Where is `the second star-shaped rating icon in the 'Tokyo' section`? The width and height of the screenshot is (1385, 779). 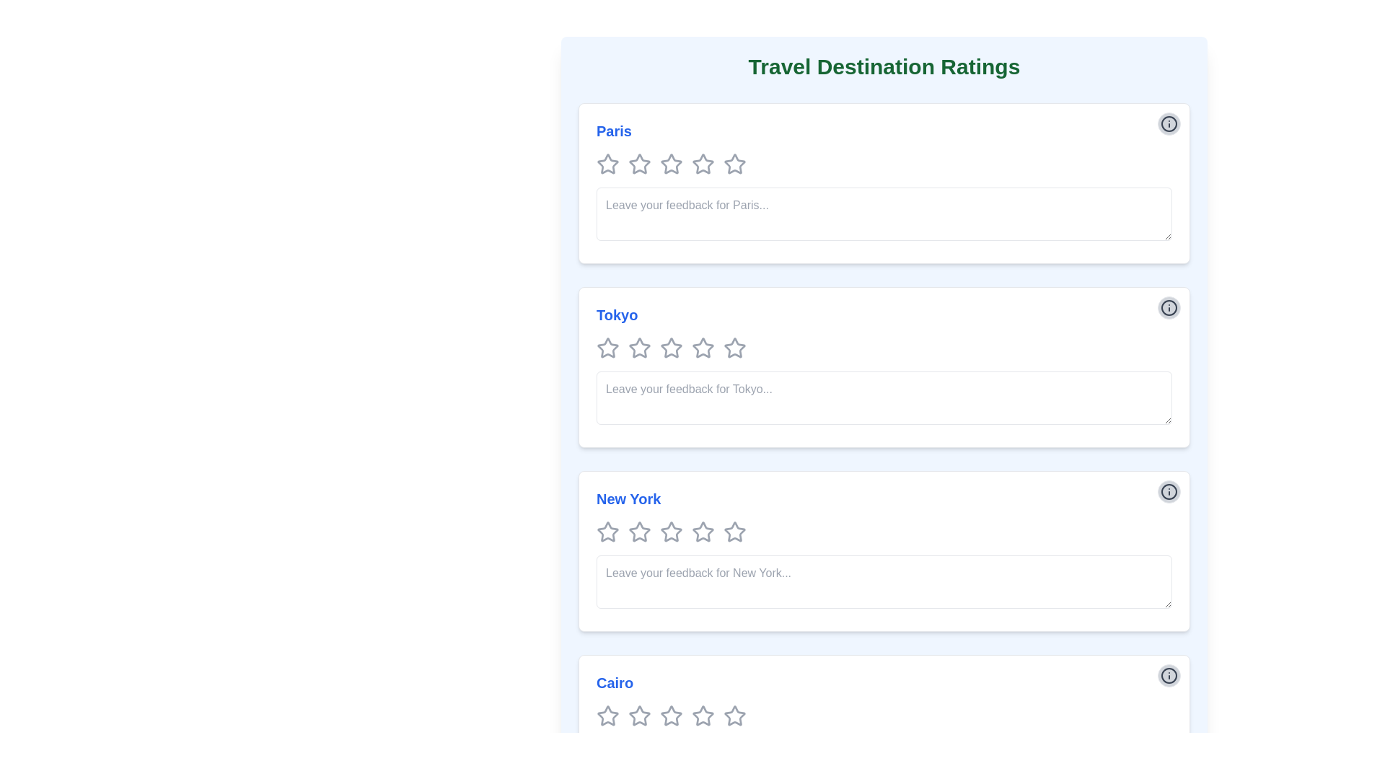 the second star-shaped rating icon in the 'Tokyo' section is located at coordinates (639, 348).